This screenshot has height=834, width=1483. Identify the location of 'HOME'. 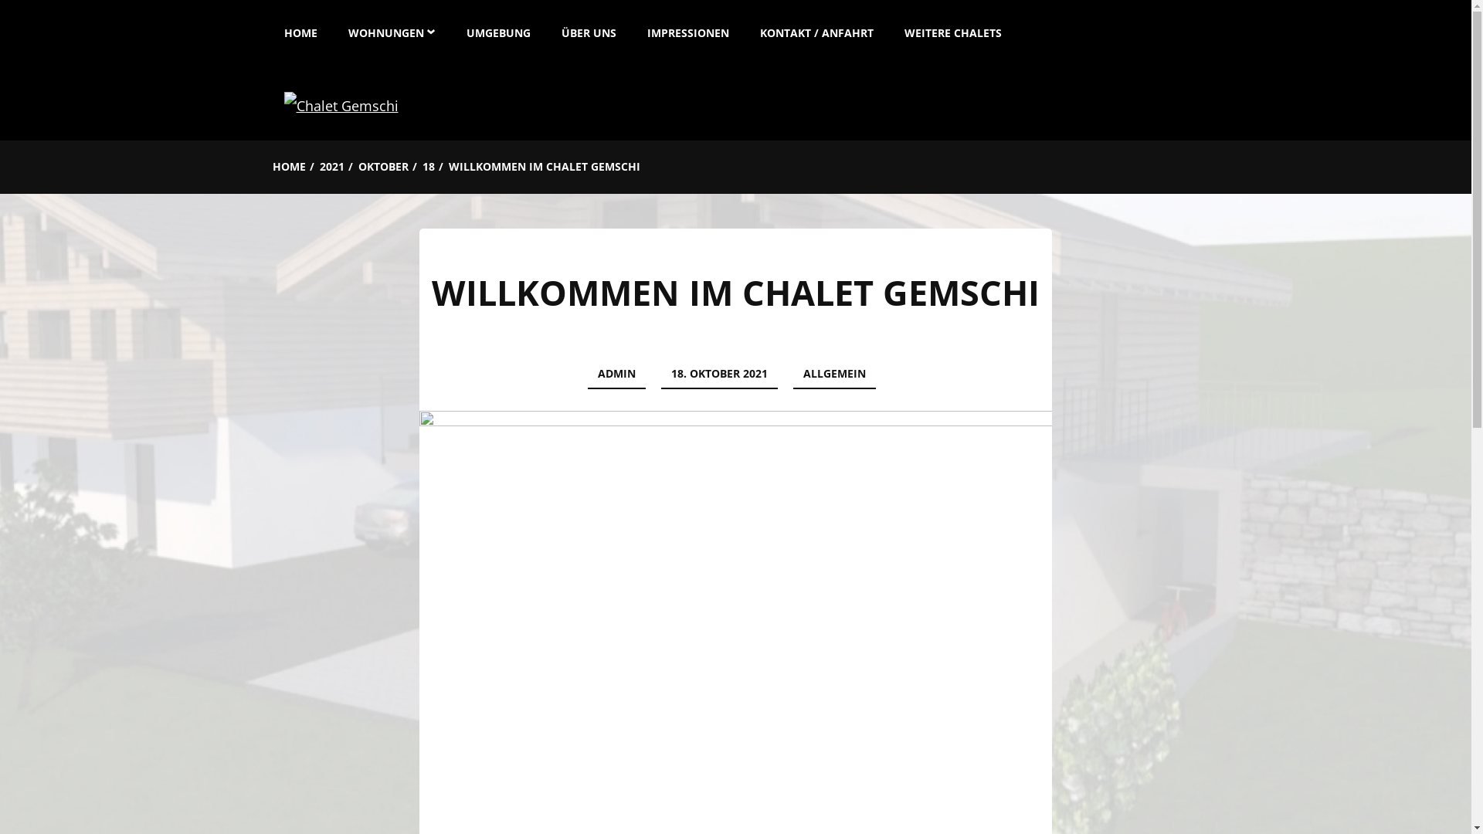
(308, 29).